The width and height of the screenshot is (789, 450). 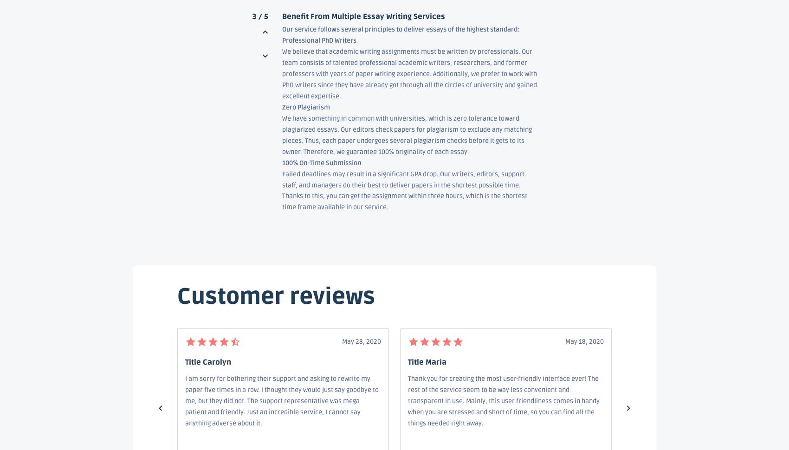 What do you see at coordinates (281, 409) in the screenshot?
I see `'Once you place an order, your job is done. Afterward, you can relax: have an excellent time with friends/your significant other, take a rest, have a nap, etc. Our writer will craft a paper for you. So waiting for a notification from us is the only thing you need to do.'` at bounding box center [281, 409].